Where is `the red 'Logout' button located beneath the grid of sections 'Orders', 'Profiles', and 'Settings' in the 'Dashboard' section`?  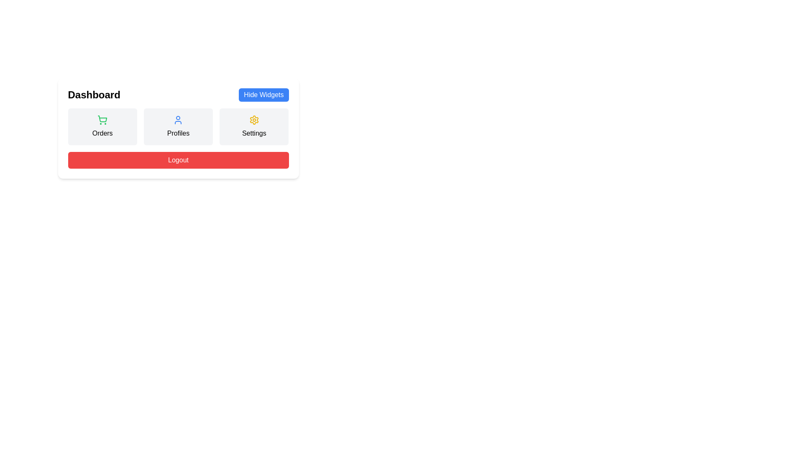
the red 'Logout' button located beneath the grid of sections 'Orders', 'Profiles', and 'Settings' in the 'Dashboard' section is located at coordinates (178, 165).